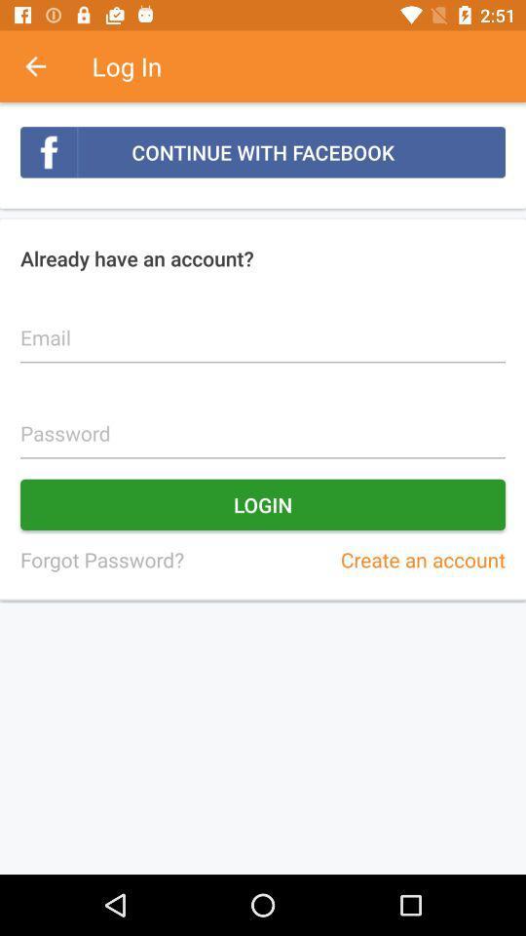  Describe the element at coordinates (263, 422) in the screenshot. I see `password` at that location.